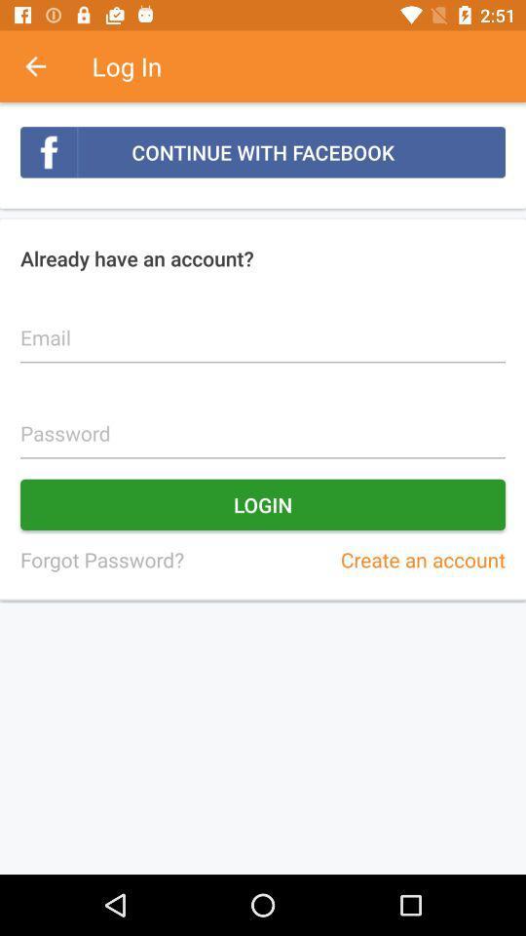  Describe the element at coordinates (263, 422) in the screenshot. I see `password` at that location.